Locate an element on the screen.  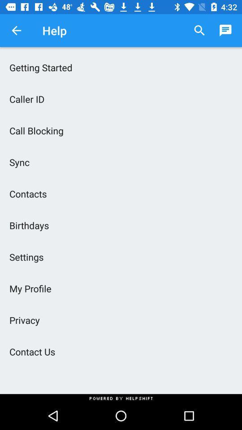
the icon above the call blocking is located at coordinates (121, 99).